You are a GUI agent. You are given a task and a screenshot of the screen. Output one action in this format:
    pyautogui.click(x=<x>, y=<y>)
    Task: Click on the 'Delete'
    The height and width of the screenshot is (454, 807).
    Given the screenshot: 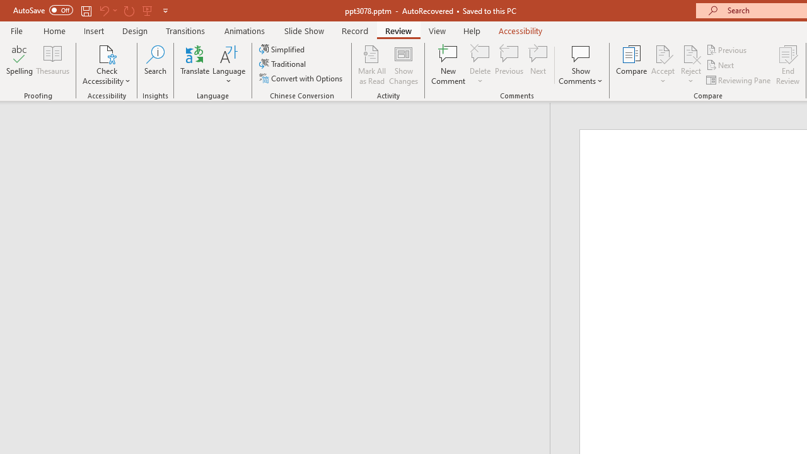 What is the action you would take?
    pyautogui.click(x=480, y=53)
    